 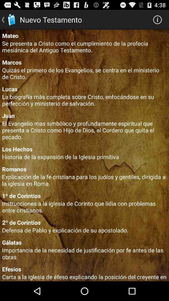 What do you see at coordinates (84, 253) in the screenshot?
I see `app above the efesios icon` at bounding box center [84, 253].